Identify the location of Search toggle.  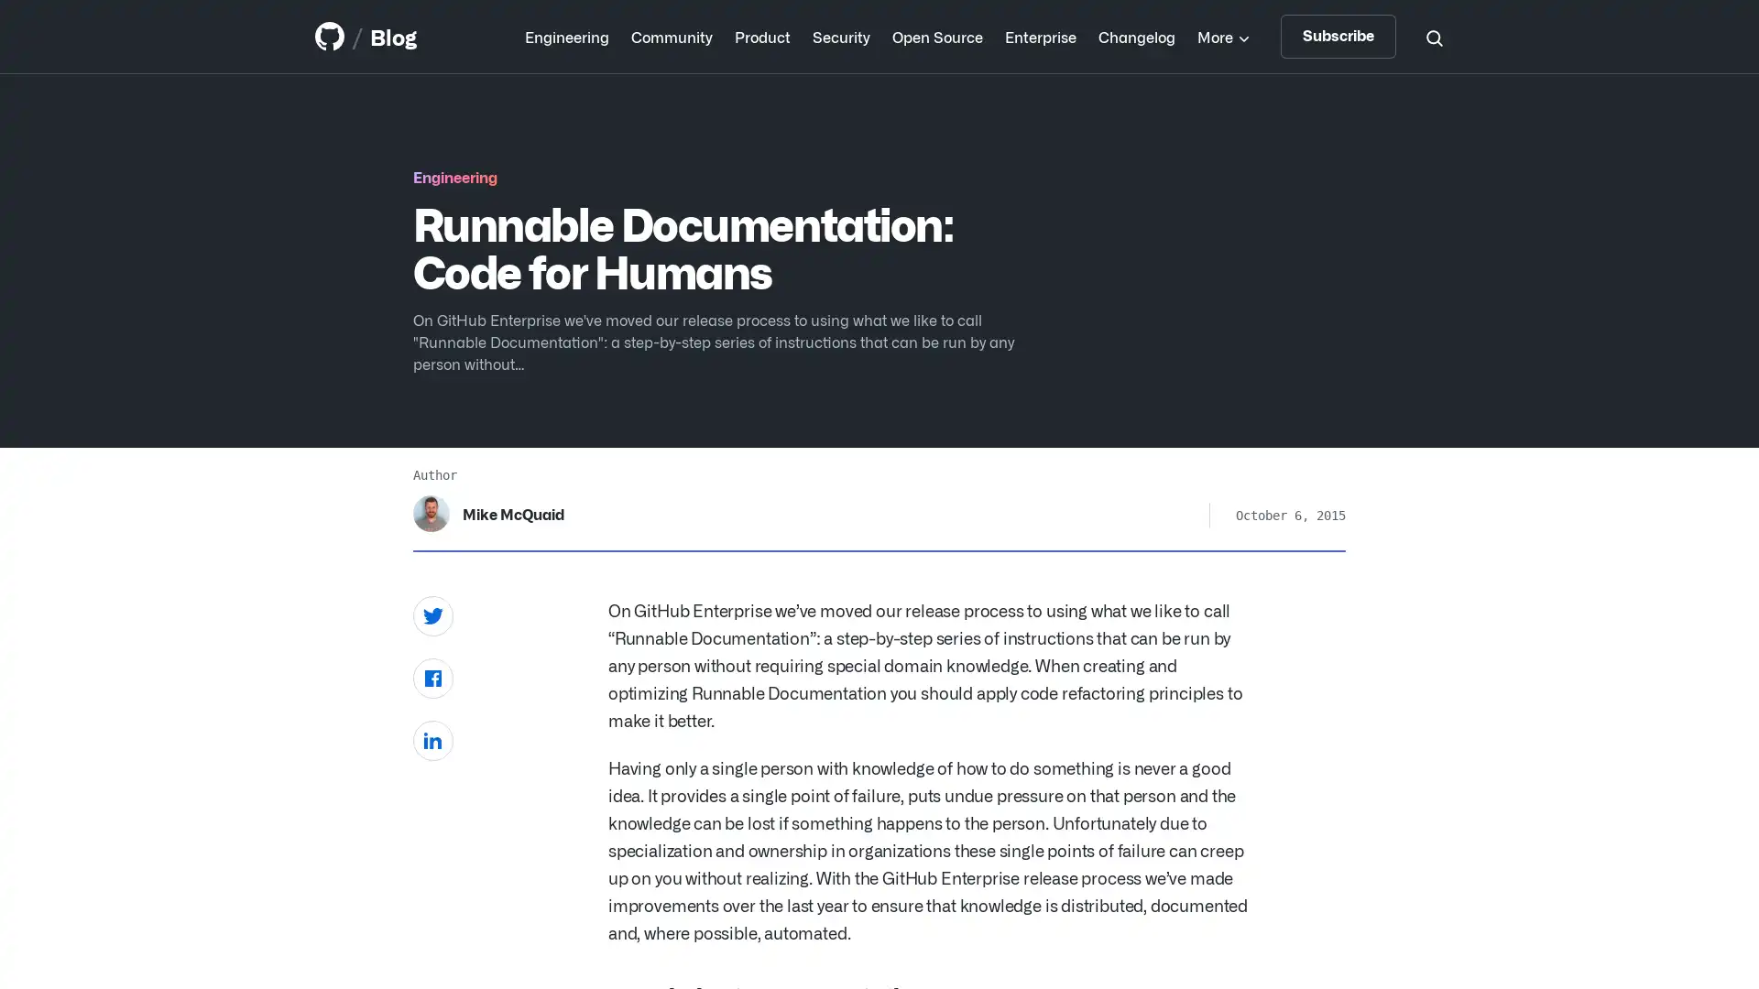
(1433, 35).